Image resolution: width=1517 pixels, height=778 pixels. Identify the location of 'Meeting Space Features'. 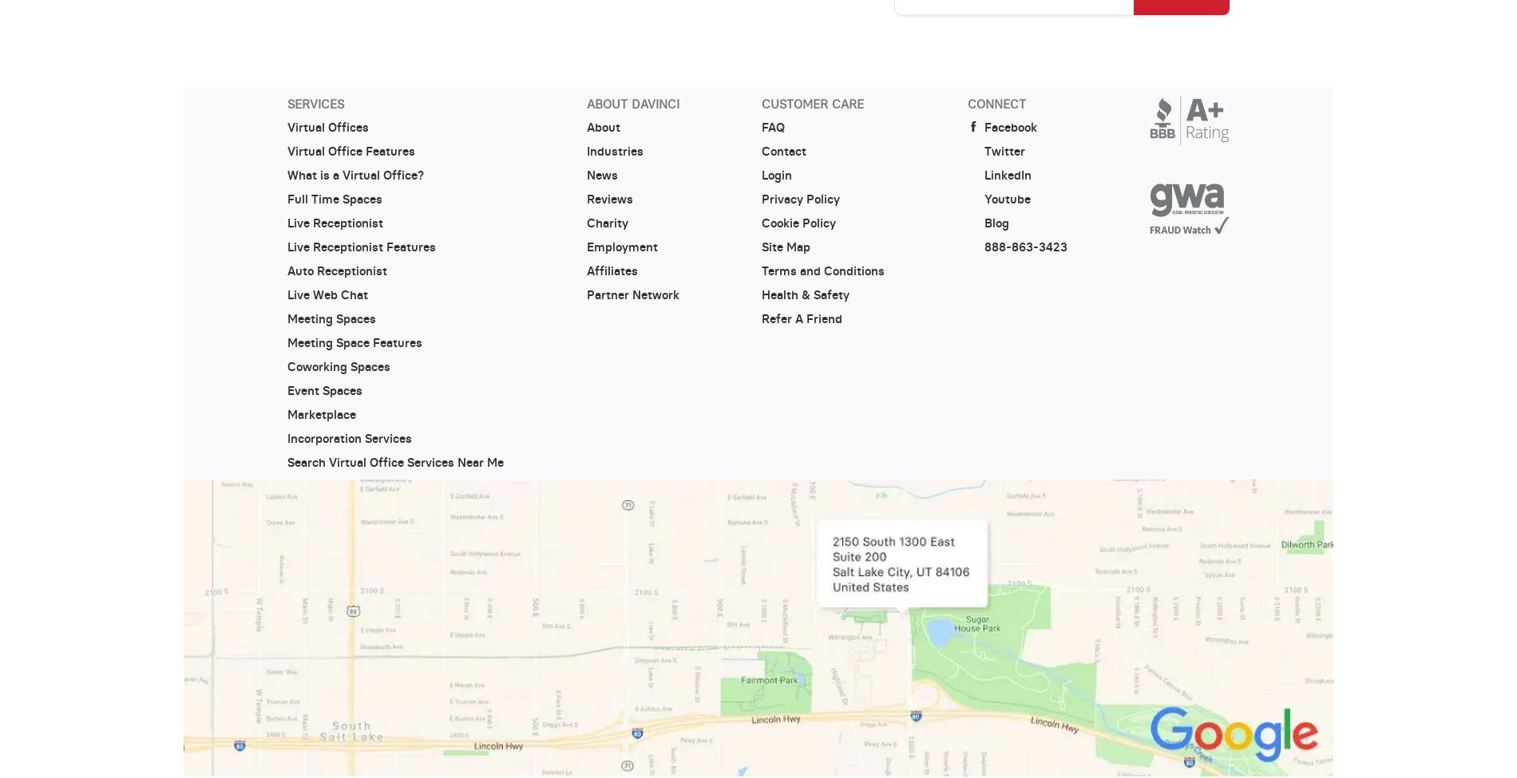
(353, 342).